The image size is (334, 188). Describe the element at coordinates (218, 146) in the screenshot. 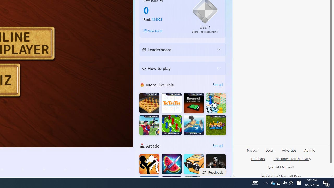

I see `'See all'` at that location.